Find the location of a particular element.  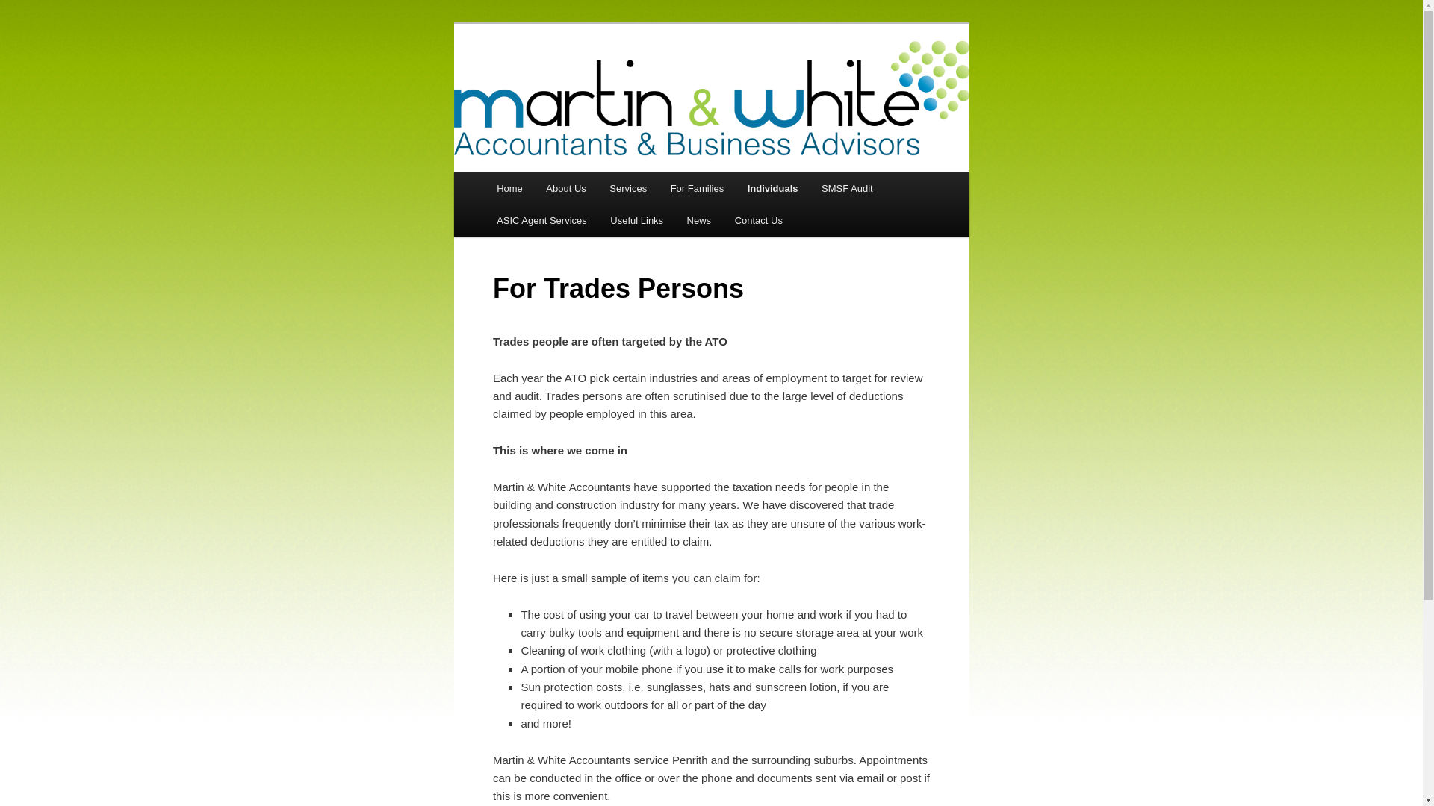

'SMSF Audit' is located at coordinates (846, 187).